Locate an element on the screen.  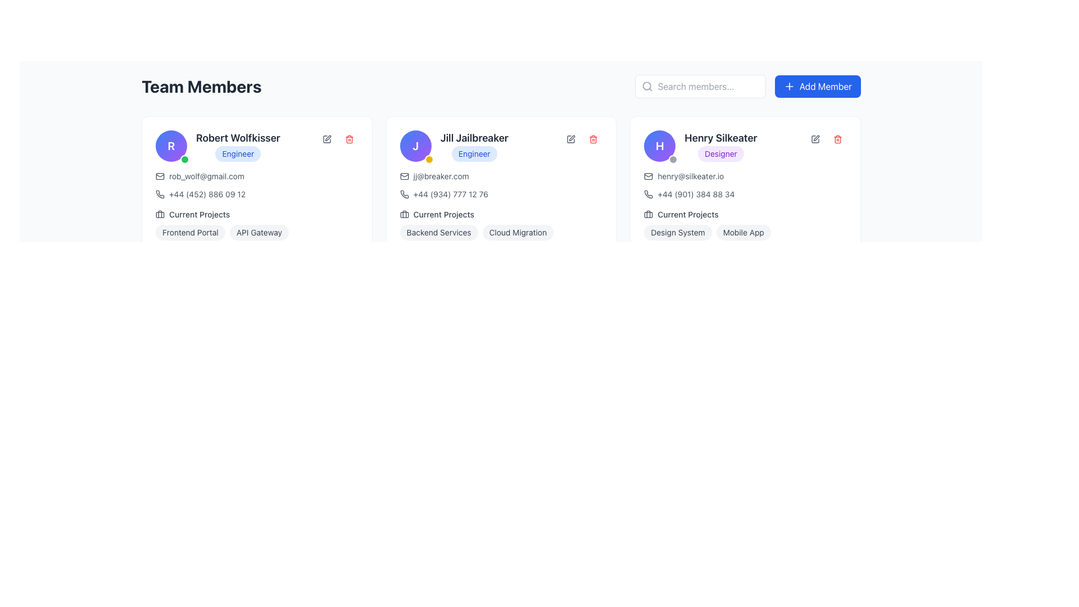
the 'API Gateway' badge in the List component under the 'Current Projects' heading for user Robert Wolfkisser is located at coordinates (256, 225).